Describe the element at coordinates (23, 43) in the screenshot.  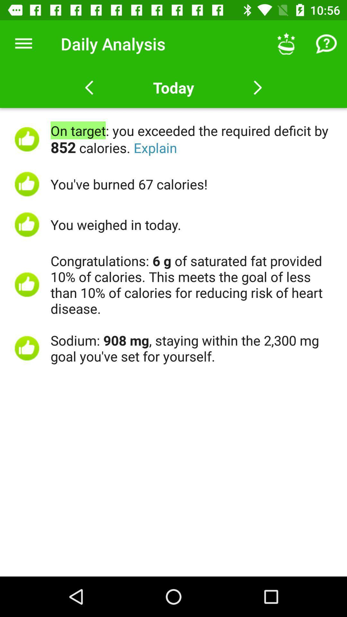
I see `icon next to the daily analysis item` at that location.